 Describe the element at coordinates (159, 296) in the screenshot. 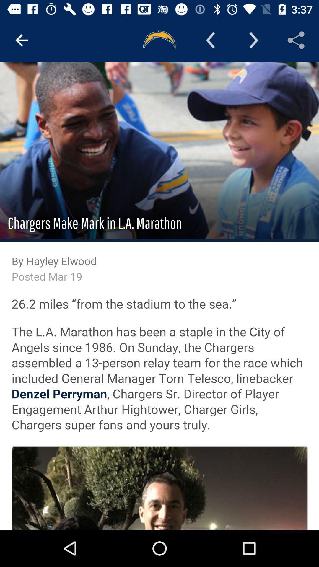

I see `description` at that location.